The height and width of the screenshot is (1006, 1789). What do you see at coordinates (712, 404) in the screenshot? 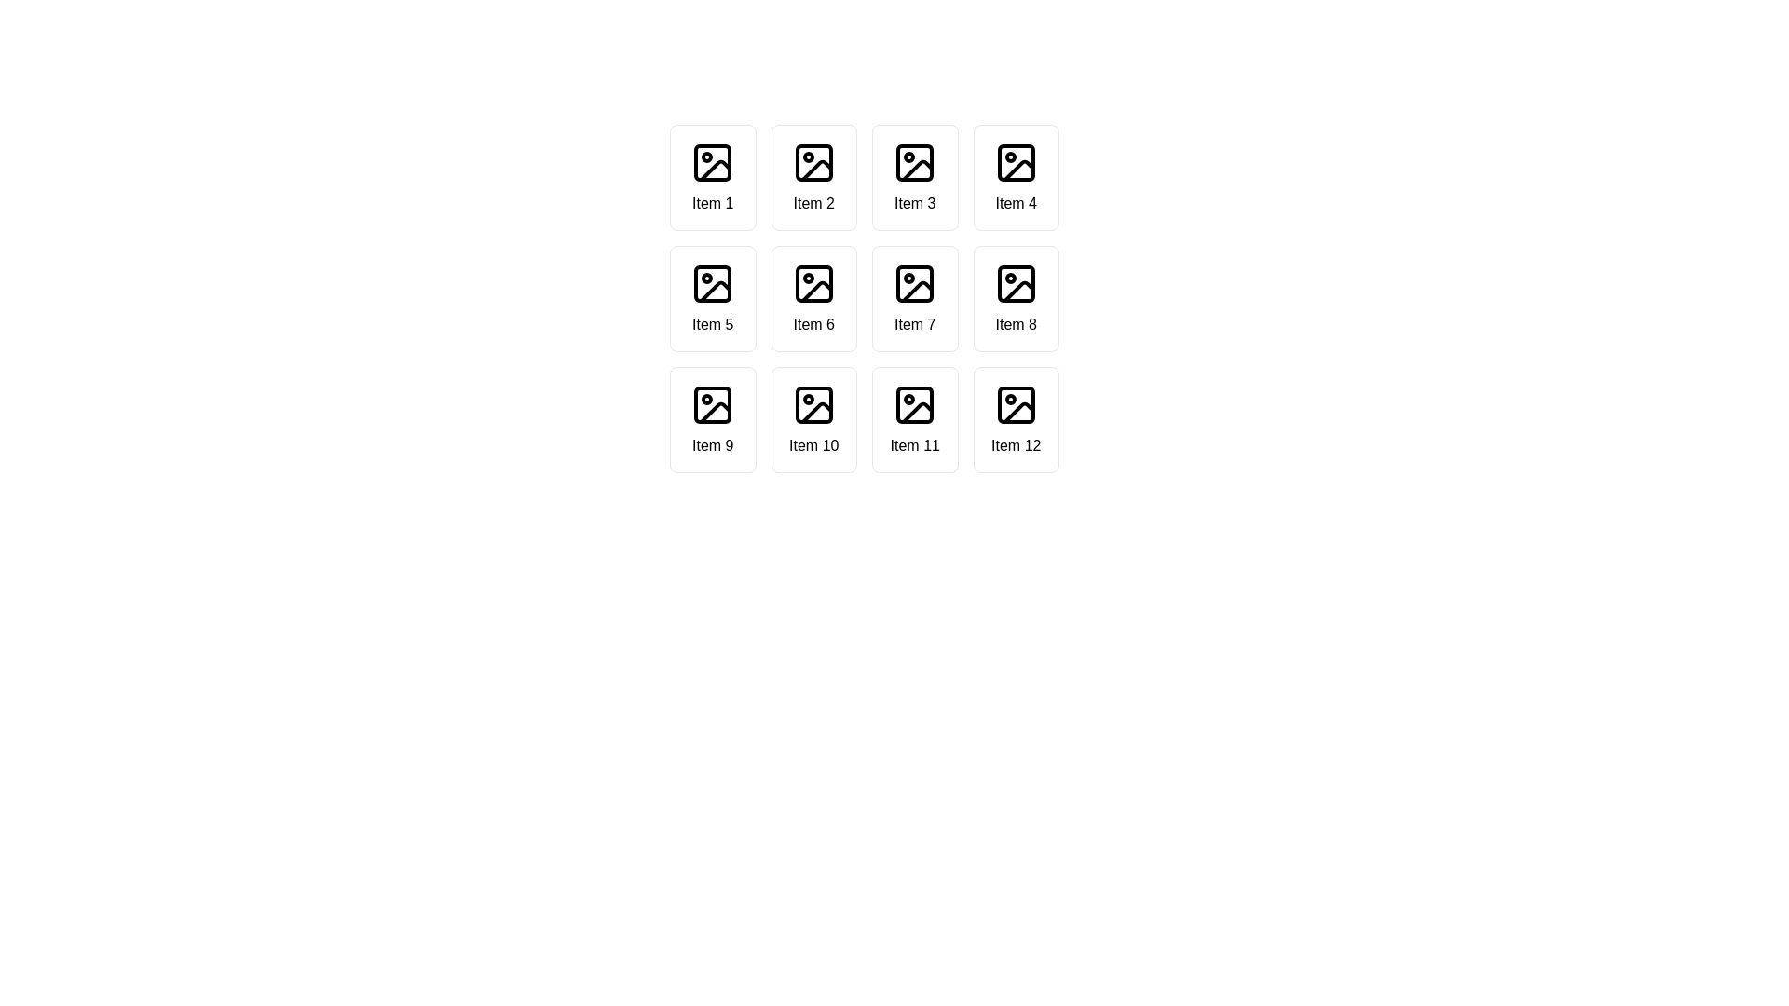
I see `the icon representing 'Item 9' in the grid, located in the third row and first column, which signifies or illustrates this item` at bounding box center [712, 404].